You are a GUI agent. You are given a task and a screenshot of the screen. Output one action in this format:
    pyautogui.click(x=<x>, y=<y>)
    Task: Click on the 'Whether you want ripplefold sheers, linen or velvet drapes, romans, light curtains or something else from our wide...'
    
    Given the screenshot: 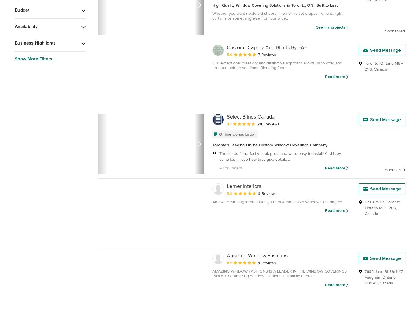 What is the action you would take?
    pyautogui.click(x=277, y=15)
    